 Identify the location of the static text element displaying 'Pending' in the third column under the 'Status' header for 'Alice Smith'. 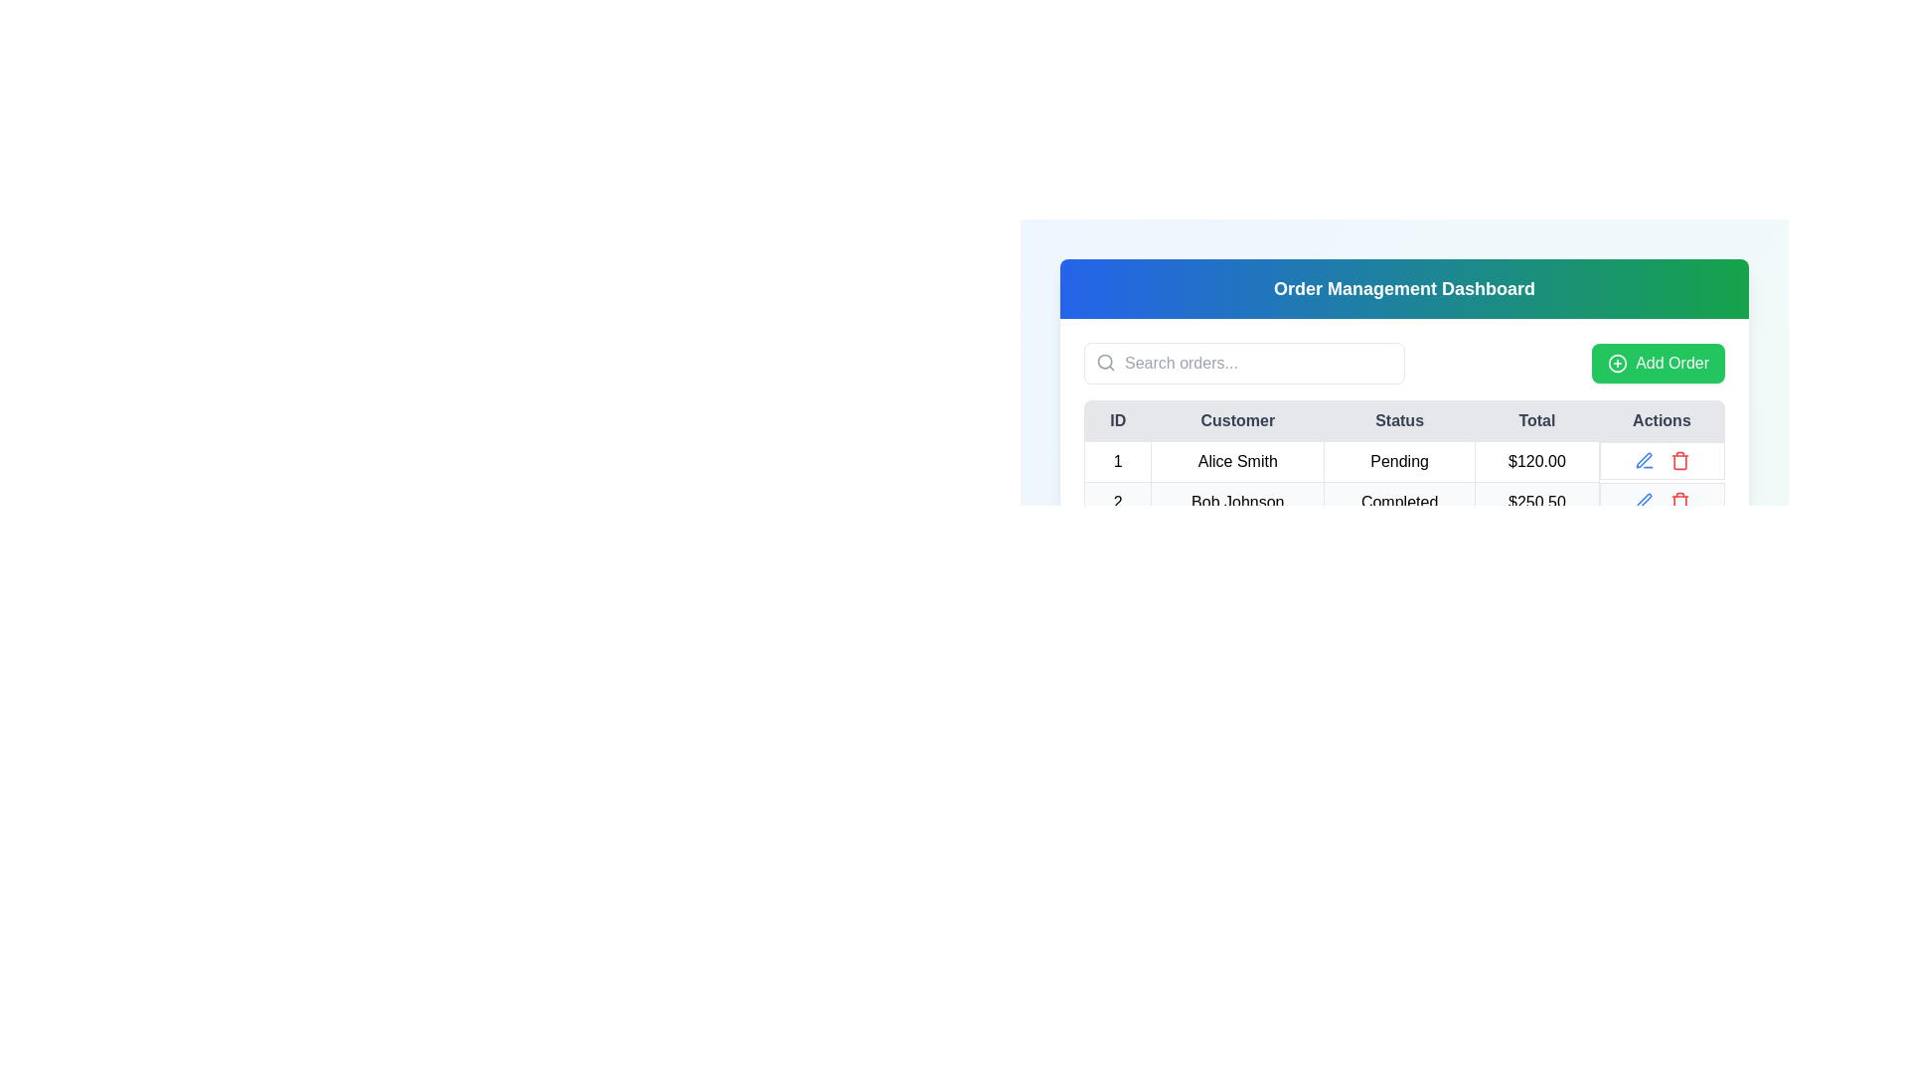
(1398, 462).